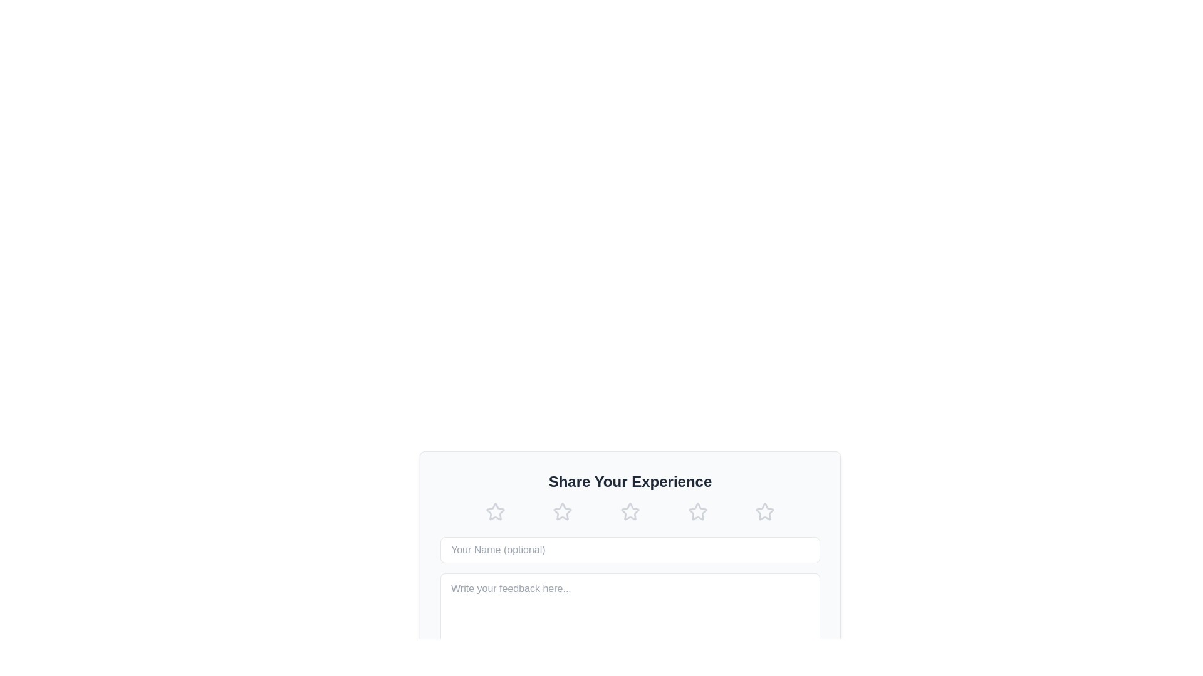  What do you see at coordinates (562, 511) in the screenshot?
I see `the third star icon from the left in the rating system` at bounding box center [562, 511].